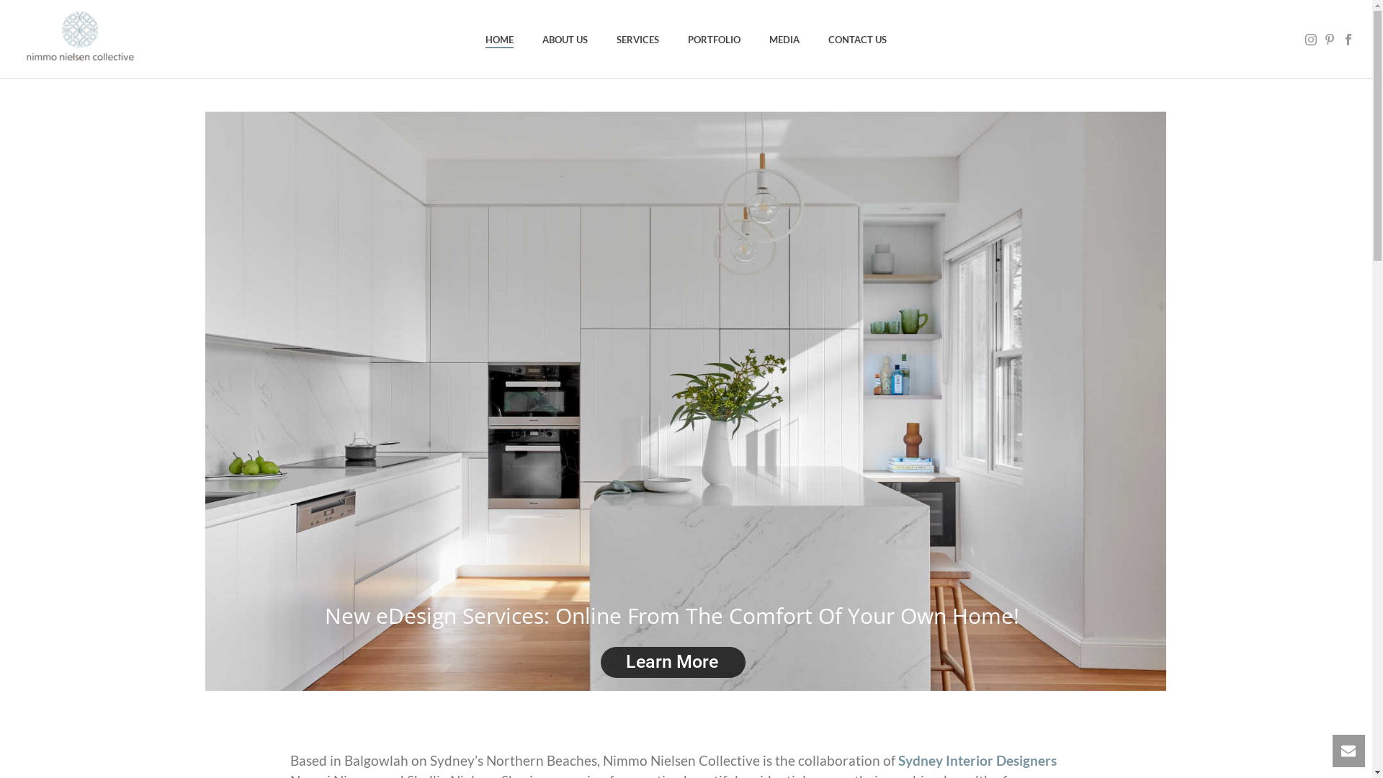 The height and width of the screenshot is (778, 1383). What do you see at coordinates (637, 38) in the screenshot?
I see `'SERVICES'` at bounding box center [637, 38].